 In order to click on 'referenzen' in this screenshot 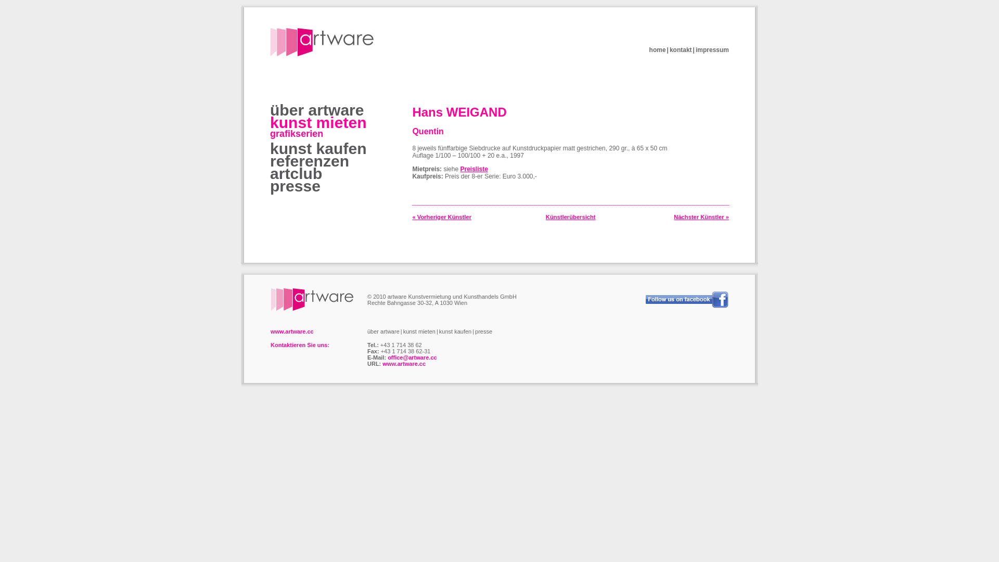, I will do `click(270, 161)`.